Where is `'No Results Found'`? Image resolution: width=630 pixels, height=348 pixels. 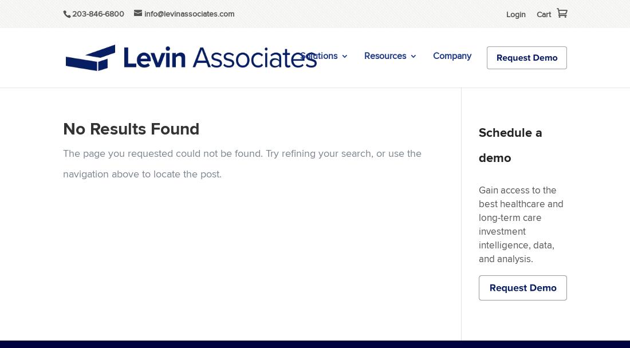 'No Results Found' is located at coordinates (63, 128).